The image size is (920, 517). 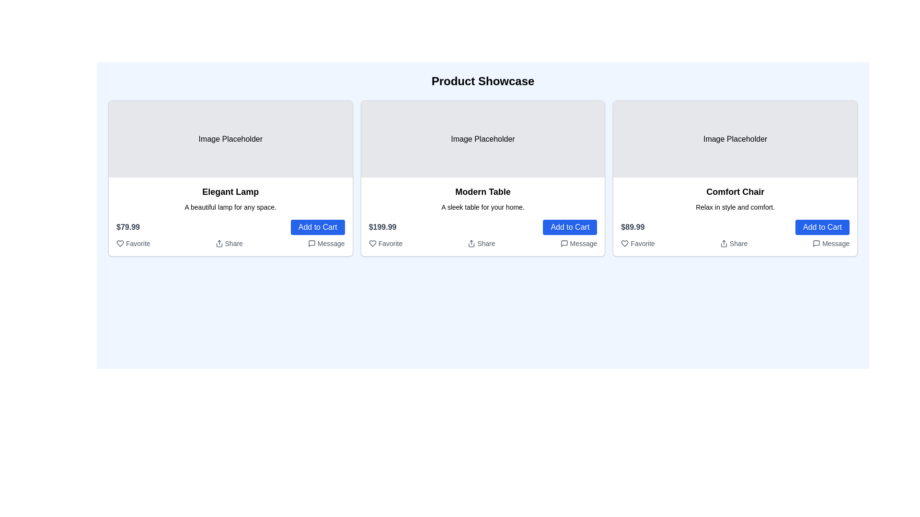 I want to click on the headline text content of the product card that displays the name 'Modern Table', located at the top of the card below the placeholder image, so click(x=483, y=192).